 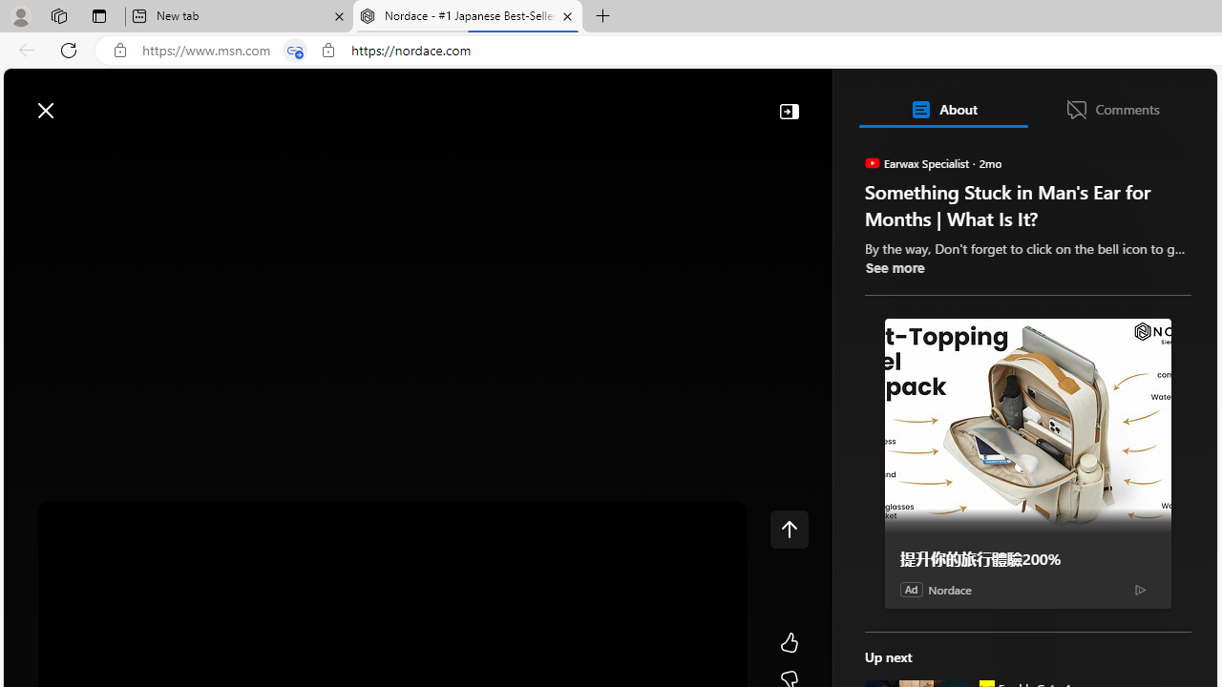 What do you see at coordinates (789, 530) in the screenshot?
I see `'Class: control icon-only'` at bounding box center [789, 530].